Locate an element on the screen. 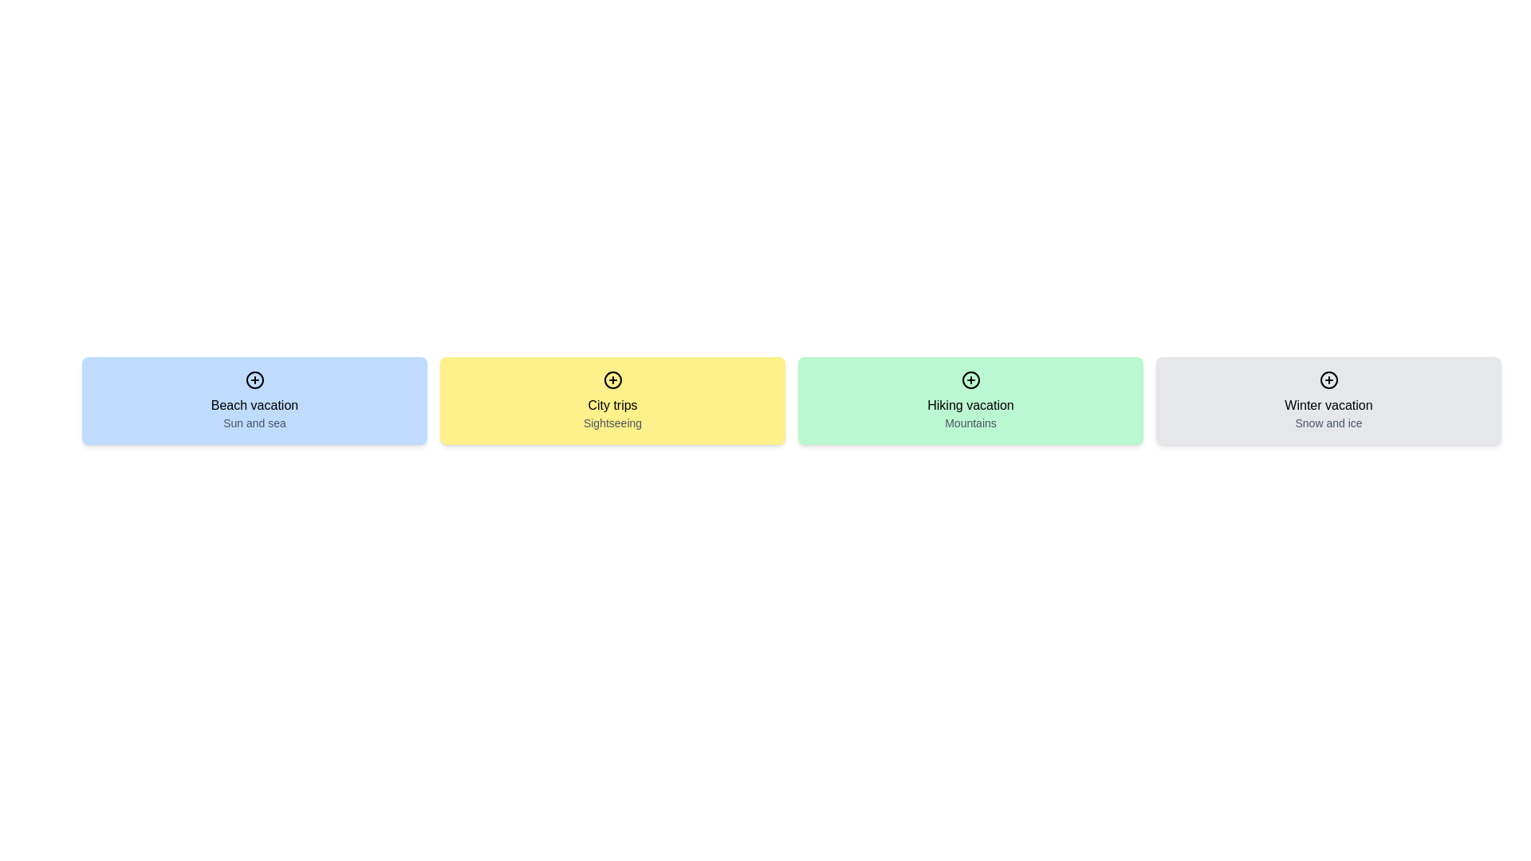 The height and width of the screenshot is (861, 1531). the text label displaying 'Winter vacation' to interact with it is located at coordinates (1328, 405).